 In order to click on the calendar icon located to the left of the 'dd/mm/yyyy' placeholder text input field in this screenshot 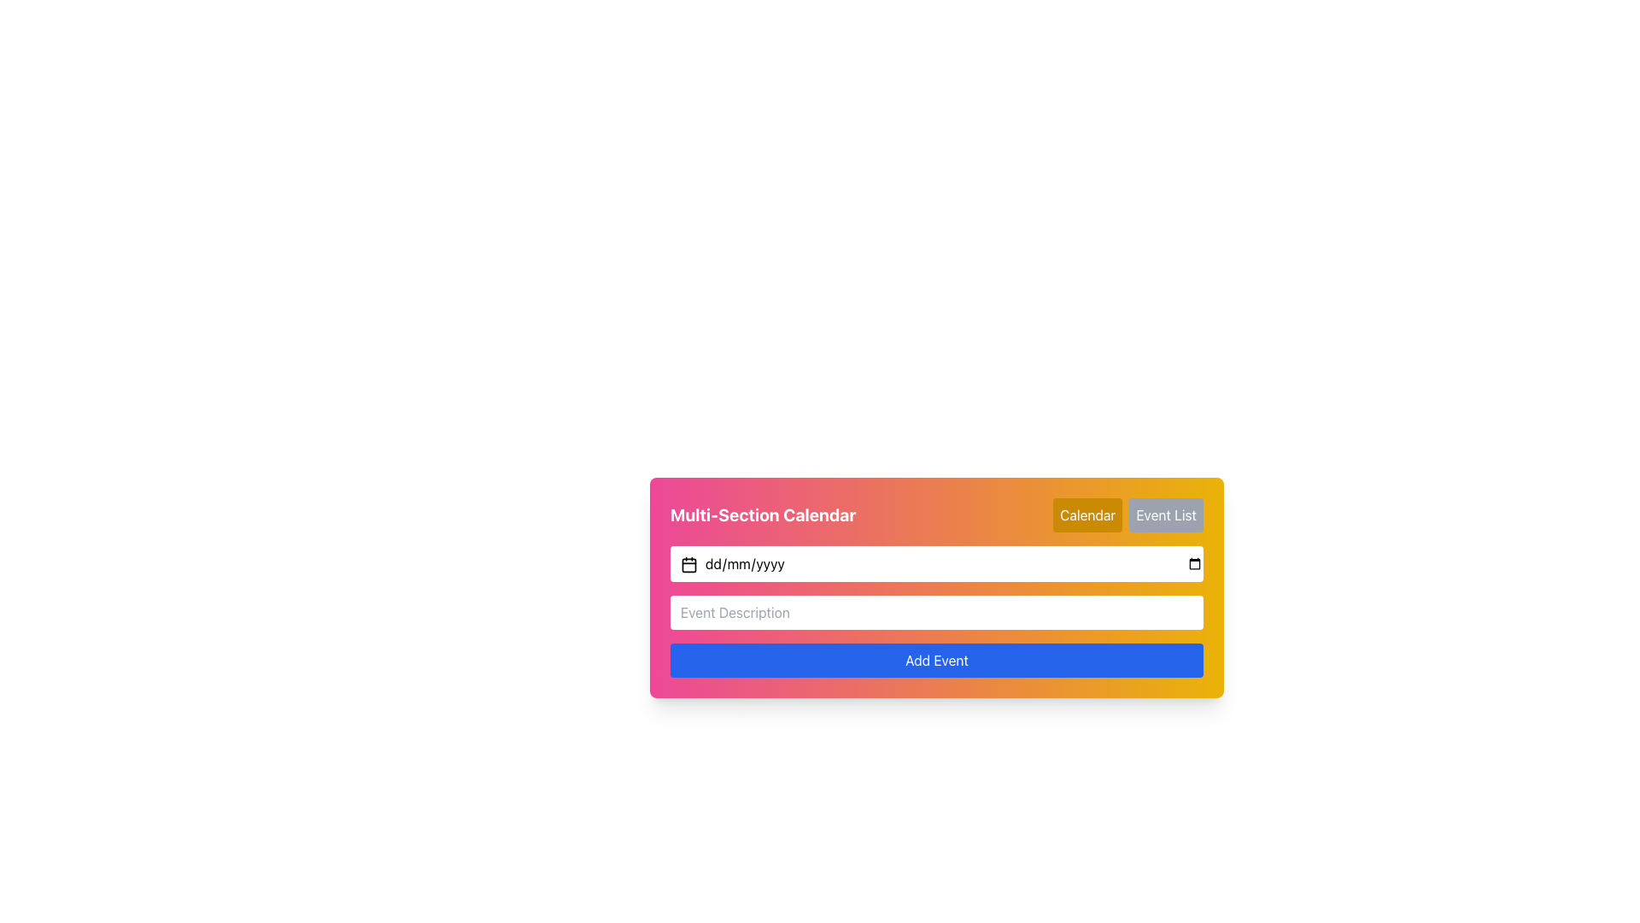, I will do `click(688, 564)`.